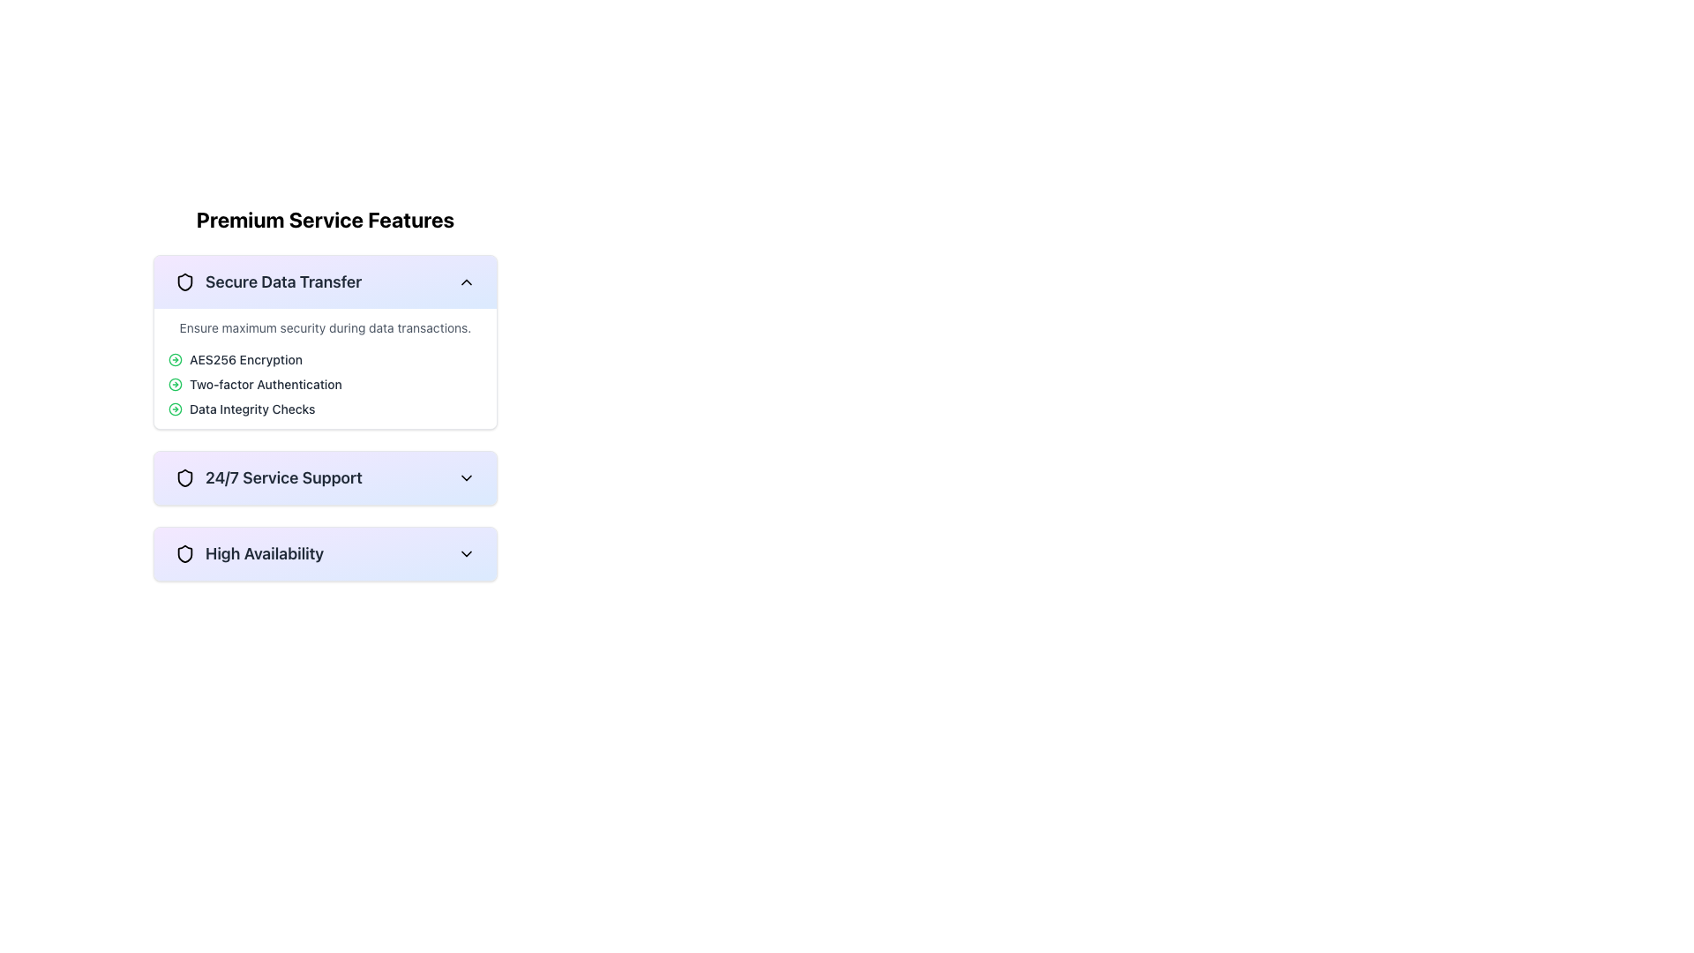  Describe the element at coordinates (265, 383) in the screenshot. I see `text information from the text label displaying 'Two-factor Authentication', which is positioned in the middle column below 'AES256 Encryption' and above 'Data Integrity Checks'` at that location.